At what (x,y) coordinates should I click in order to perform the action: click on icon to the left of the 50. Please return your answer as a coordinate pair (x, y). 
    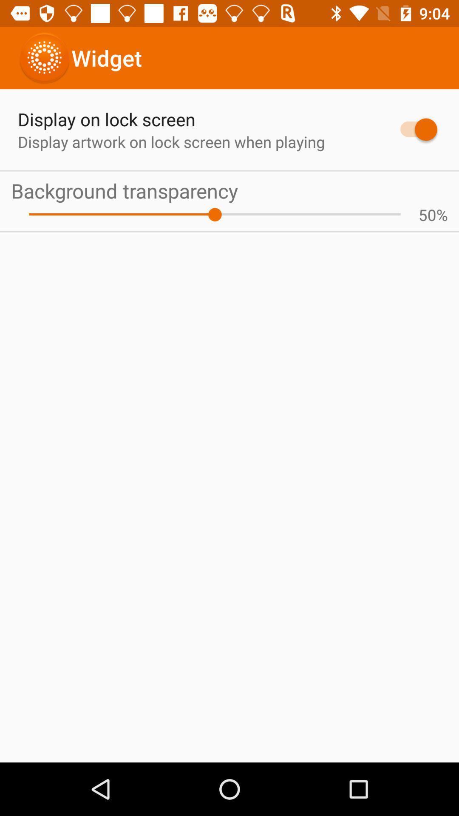
    Looking at the image, I should click on (214, 215).